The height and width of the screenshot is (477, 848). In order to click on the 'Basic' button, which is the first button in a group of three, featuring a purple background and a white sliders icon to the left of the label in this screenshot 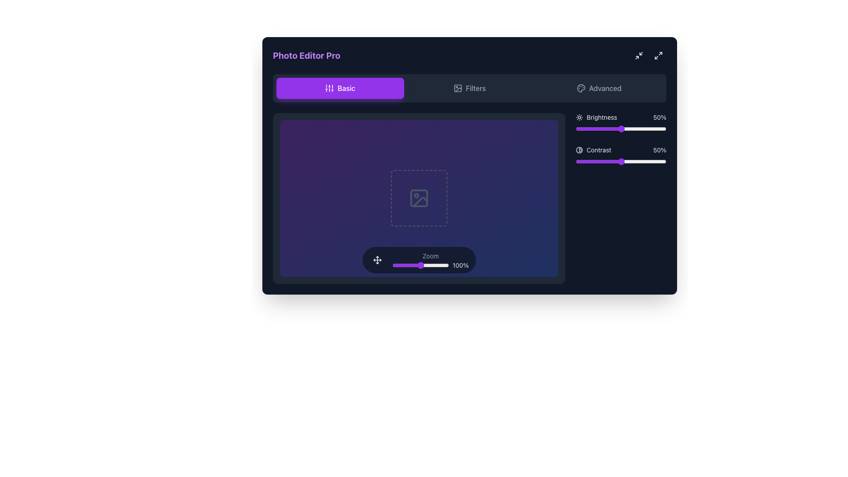, I will do `click(340, 88)`.